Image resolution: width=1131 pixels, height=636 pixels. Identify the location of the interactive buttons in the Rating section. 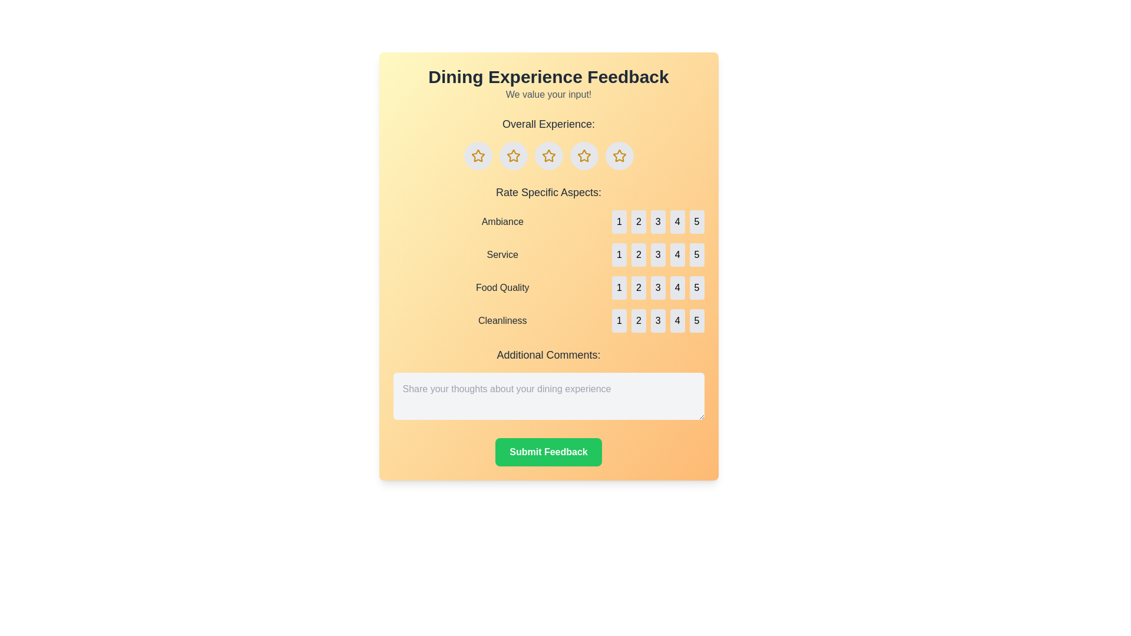
(548, 258).